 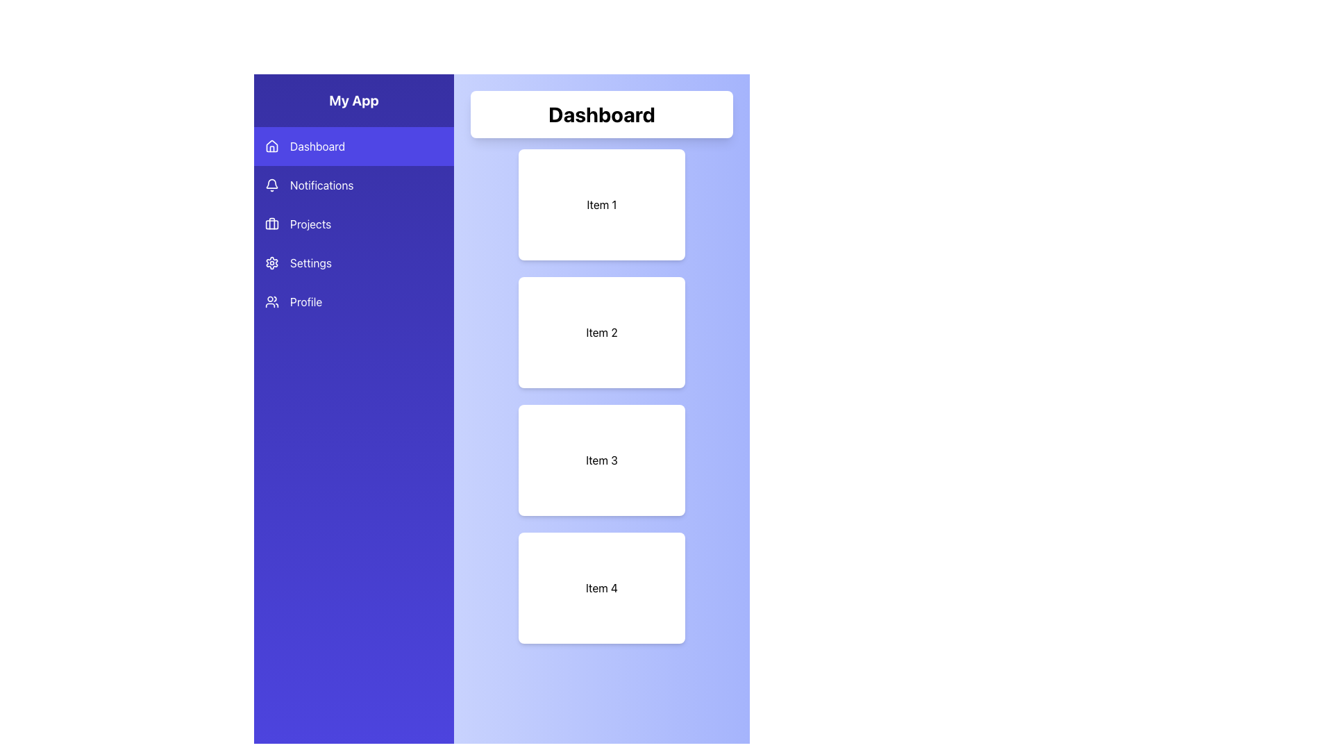 I want to click on the 'Dashboard' text label in the vertical navigation menu to trigger hover effects, so click(x=317, y=147).